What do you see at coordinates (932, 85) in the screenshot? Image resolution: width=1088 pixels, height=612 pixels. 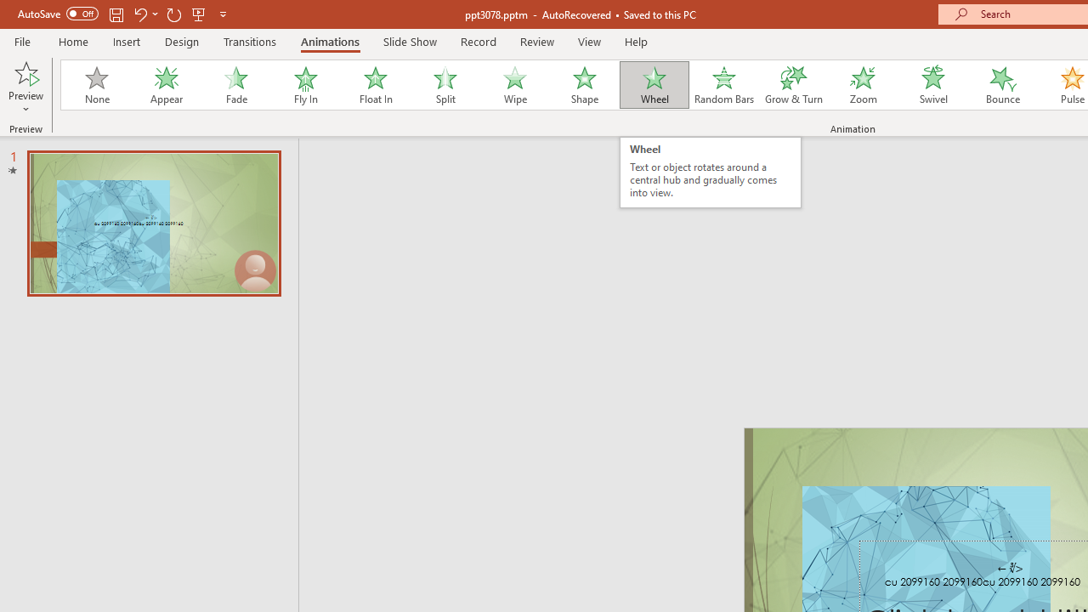 I see `'Swivel'` at bounding box center [932, 85].